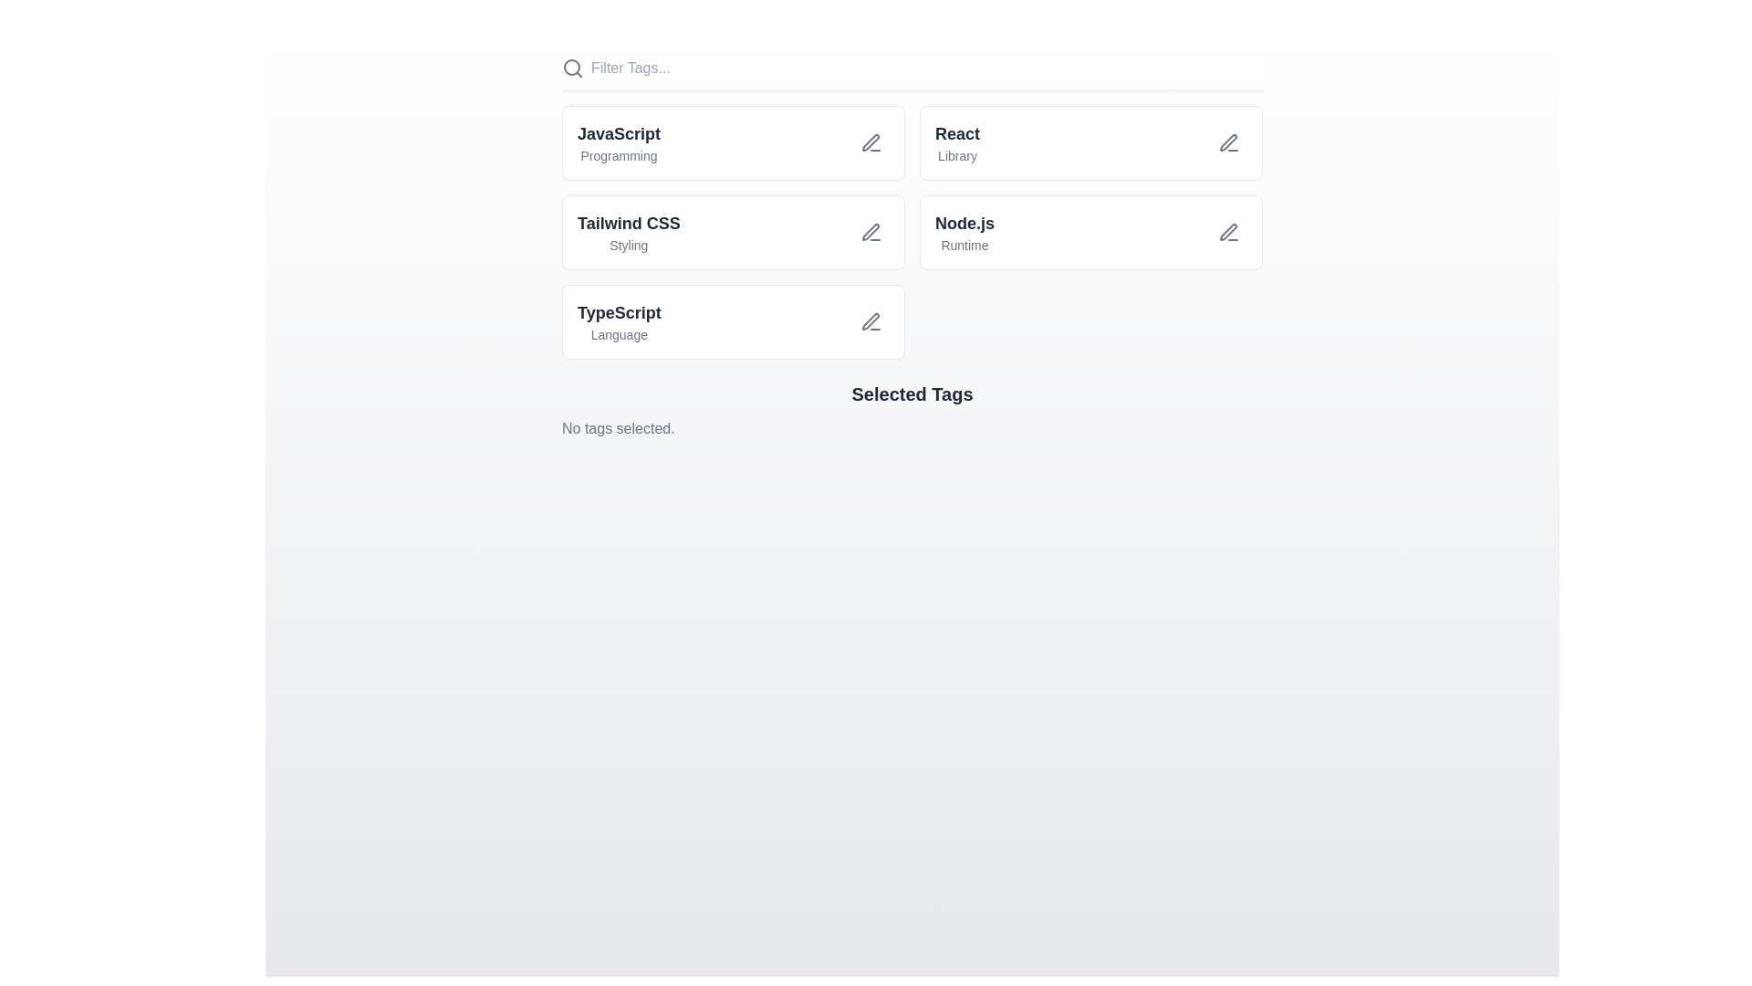 Image resolution: width=1752 pixels, height=986 pixels. Describe the element at coordinates (619, 142) in the screenshot. I see `descriptive text content from the static text block that identifies the programming language as 'JavaScript' and categorizes it under 'Programming'` at that location.